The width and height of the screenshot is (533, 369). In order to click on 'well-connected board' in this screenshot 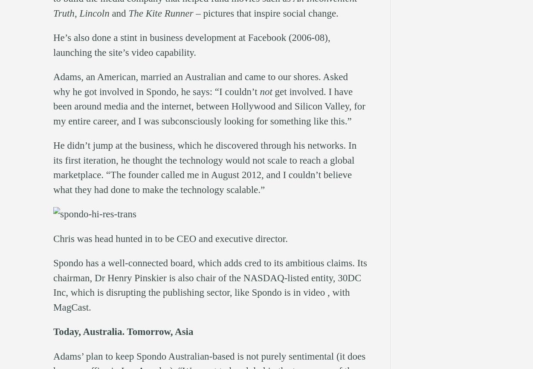, I will do `click(150, 263)`.